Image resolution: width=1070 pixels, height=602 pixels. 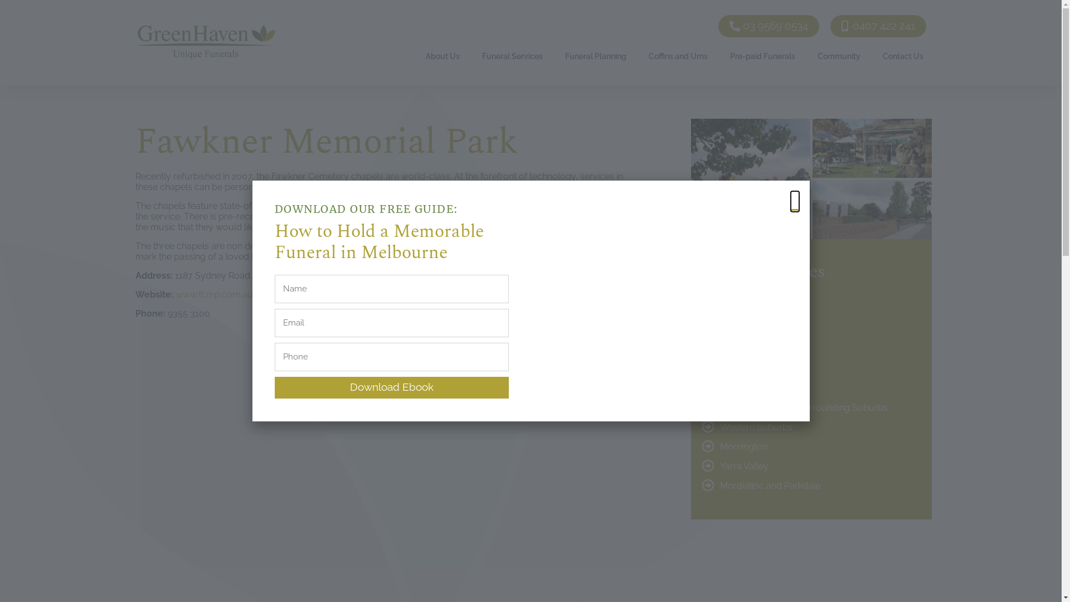 I want to click on 'Contact Us', so click(x=903, y=56).